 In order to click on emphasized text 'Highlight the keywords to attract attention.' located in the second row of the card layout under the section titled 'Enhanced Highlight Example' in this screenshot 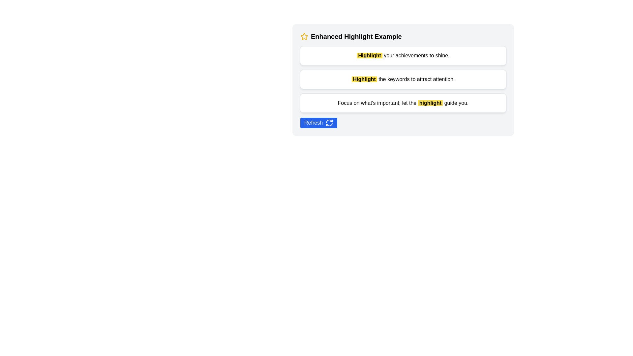, I will do `click(364, 79)`.